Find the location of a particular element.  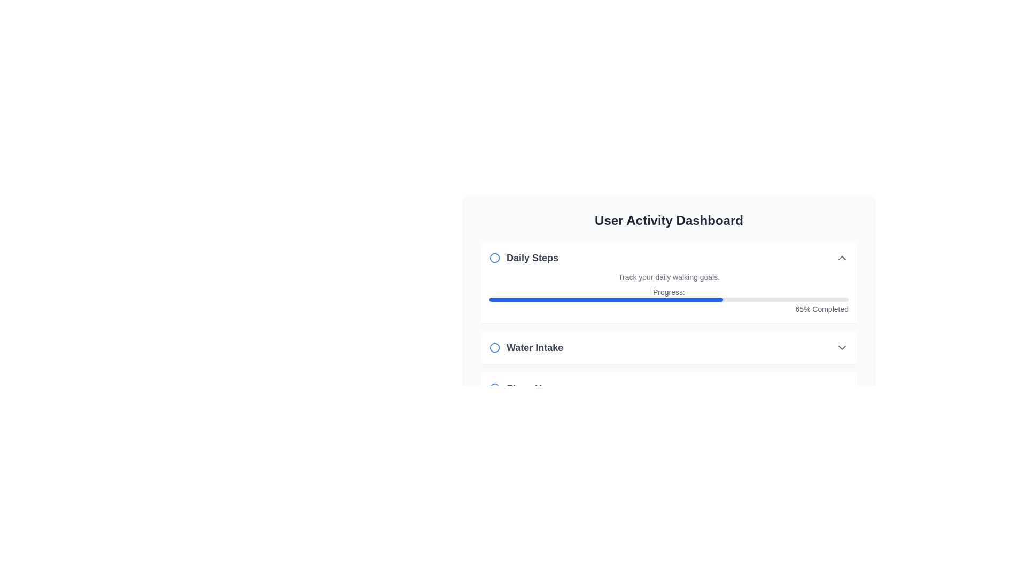

the text label displaying 'Progress:' which is located above the progress bar section, centered horizontally and aligned to the left is located at coordinates (669, 292).